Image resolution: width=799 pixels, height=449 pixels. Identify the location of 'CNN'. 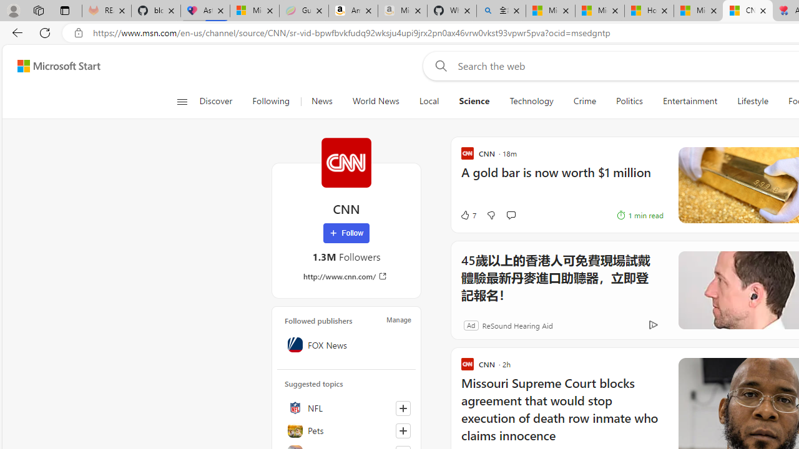
(346, 162).